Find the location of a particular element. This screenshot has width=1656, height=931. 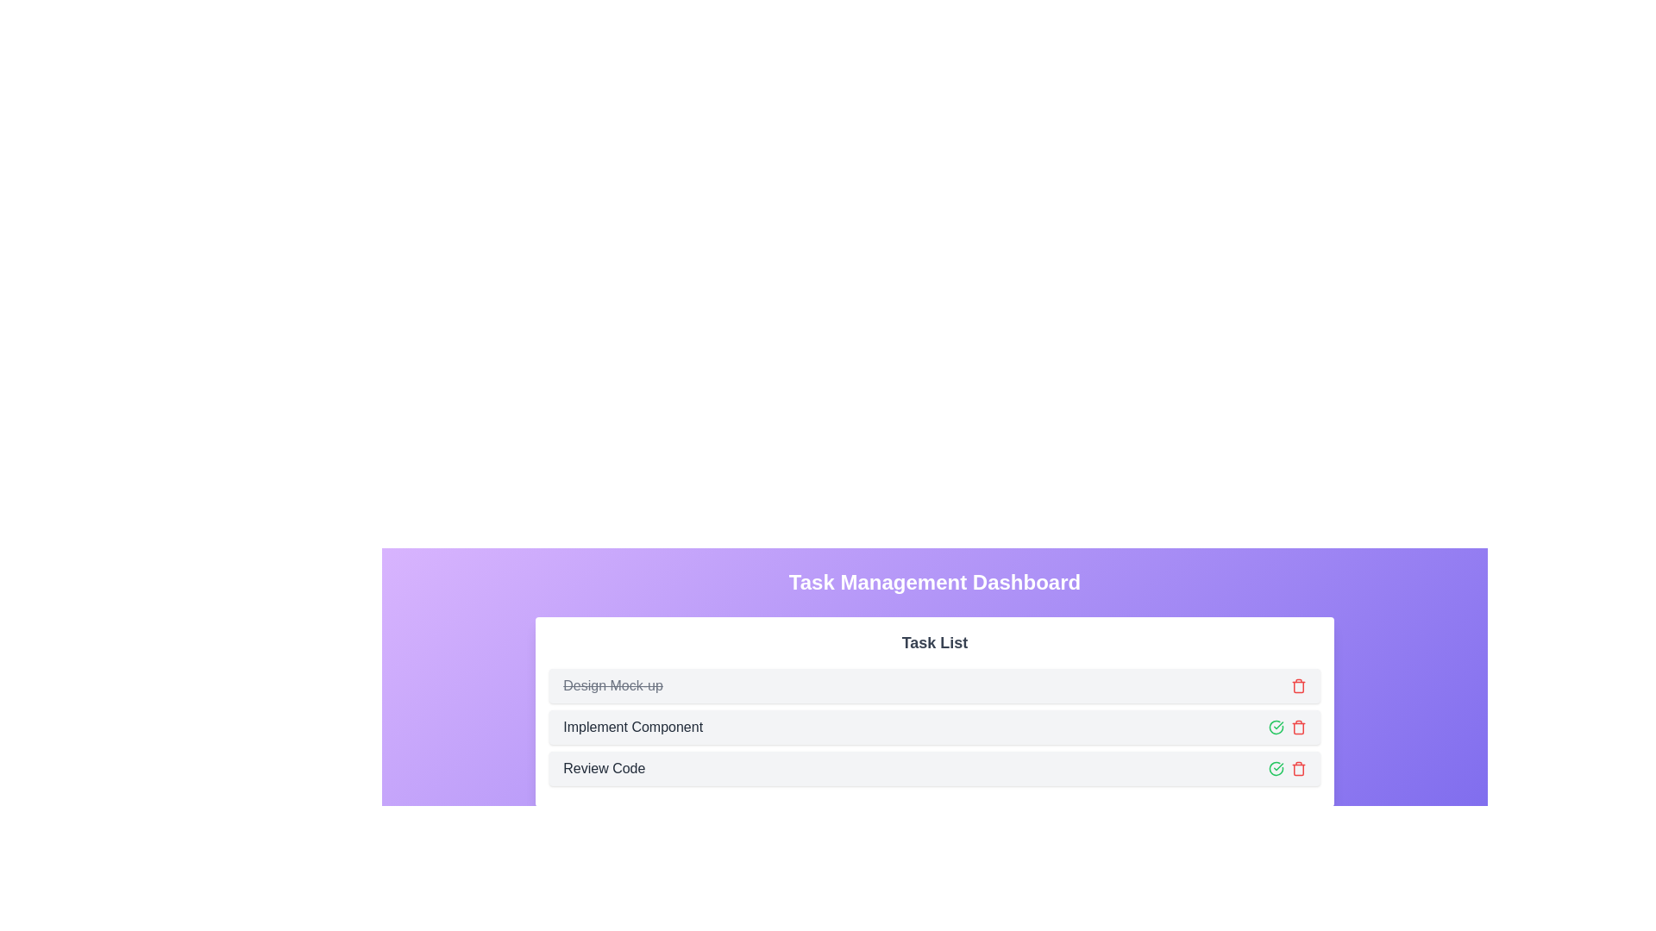

text label that provides information about the third task entry in the vertical task list, located below 'Implement Component' is located at coordinates (604, 767).